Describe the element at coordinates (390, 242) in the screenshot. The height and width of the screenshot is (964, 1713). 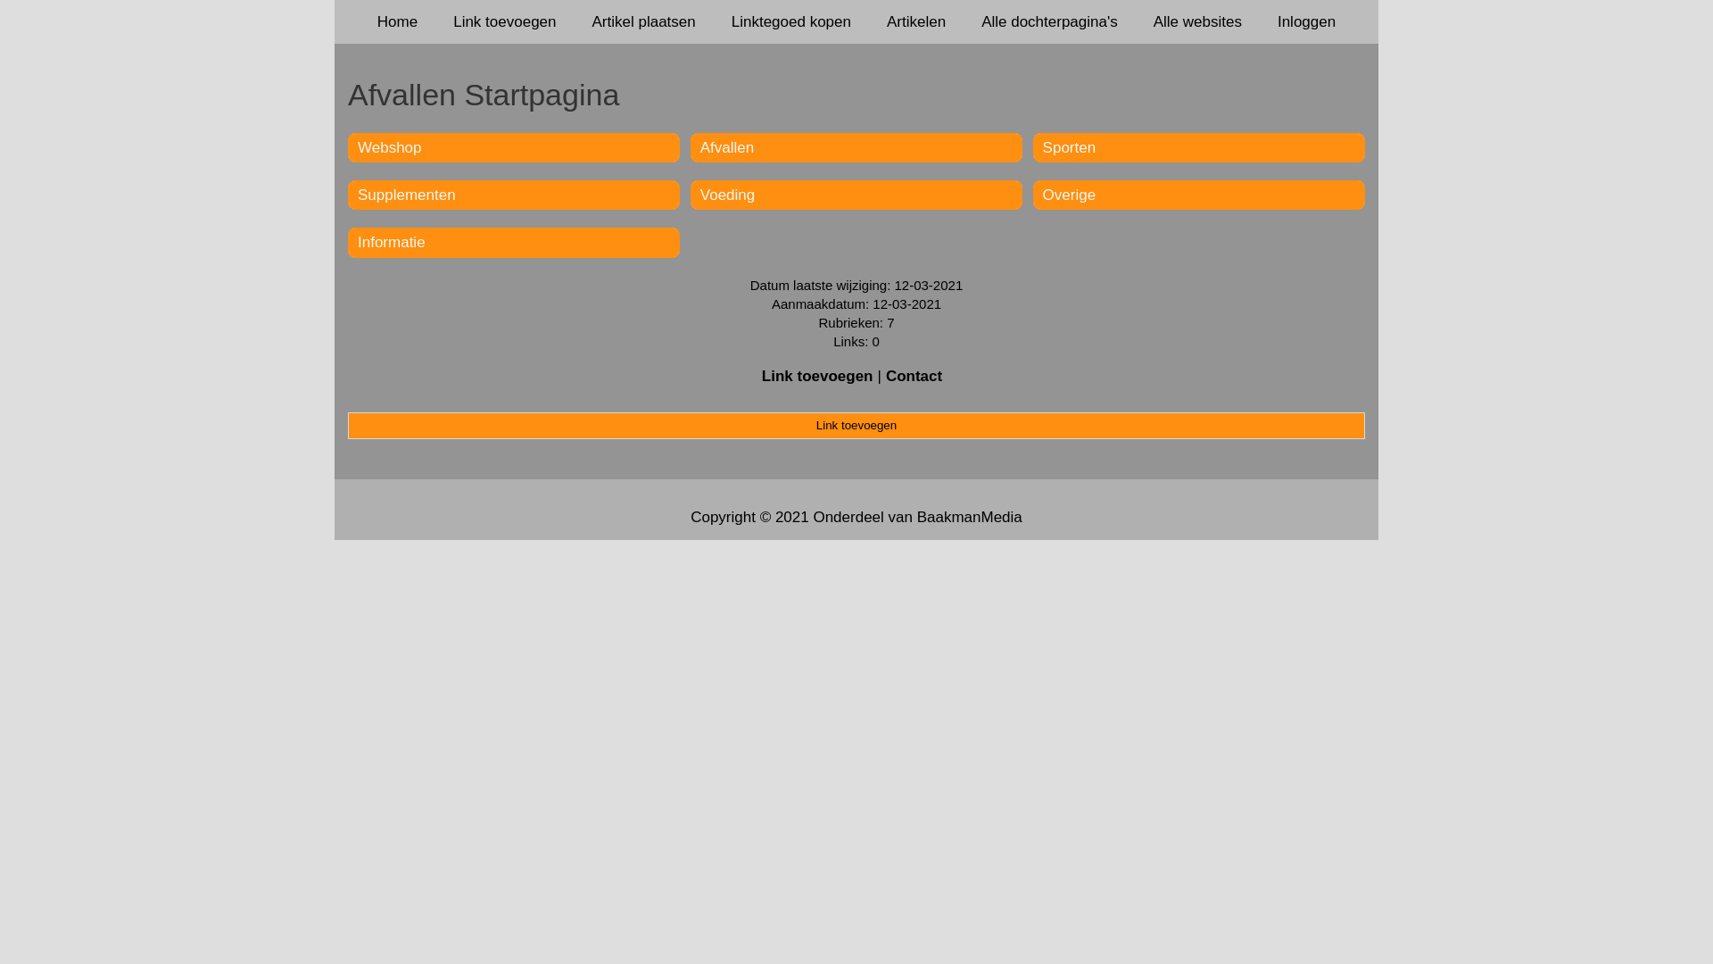
I see `'Informatie'` at that location.